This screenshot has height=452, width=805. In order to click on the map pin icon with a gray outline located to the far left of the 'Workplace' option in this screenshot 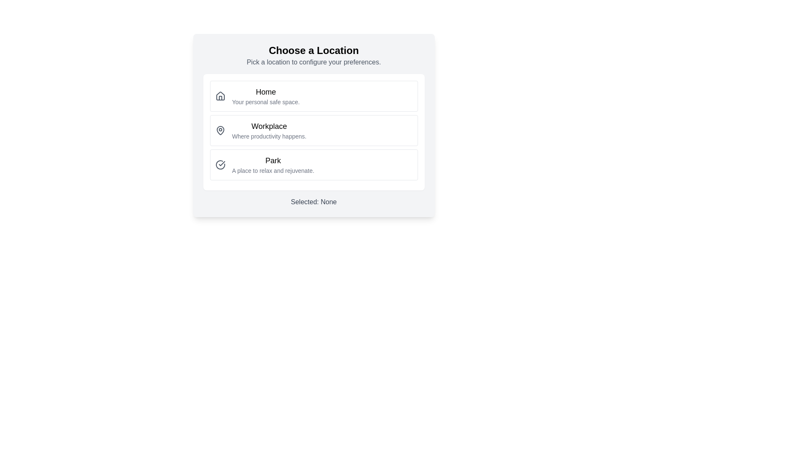, I will do `click(220, 131)`.